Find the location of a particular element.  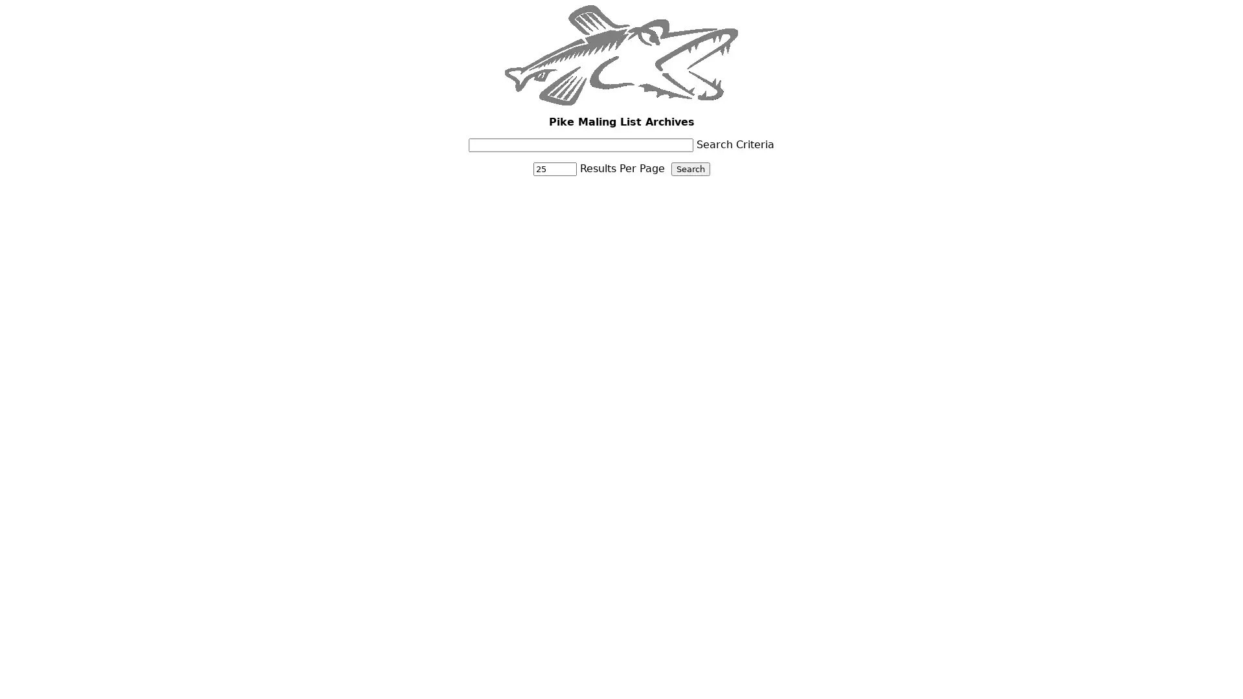

Search is located at coordinates (689, 168).